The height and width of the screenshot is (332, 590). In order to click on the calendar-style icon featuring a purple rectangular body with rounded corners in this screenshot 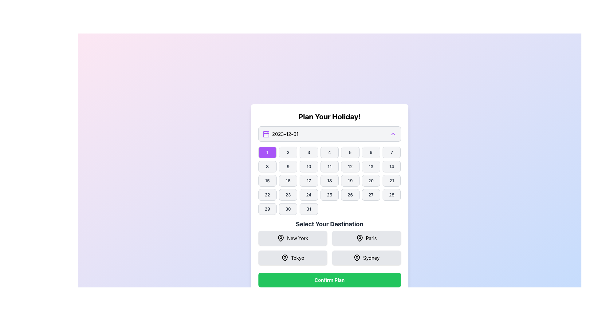, I will do `click(266, 134)`.